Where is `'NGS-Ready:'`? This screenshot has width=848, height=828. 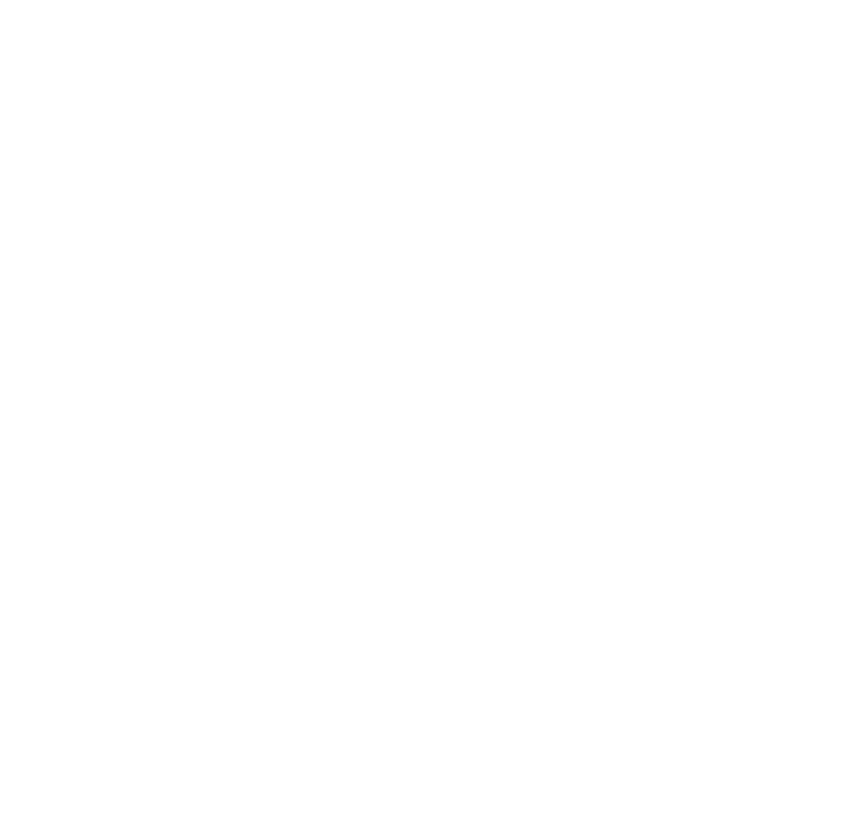
'NGS-Ready:' is located at coordinates (179, 668).